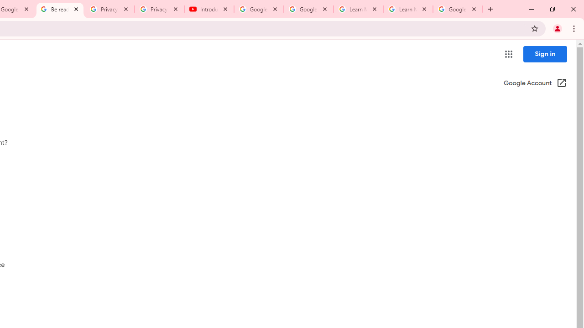 This screenshot has height=328, width=584. Describe the element at coordinates (535, 83) in the screenshot. I see `'Google Account (Open in a new window)'` at that location.